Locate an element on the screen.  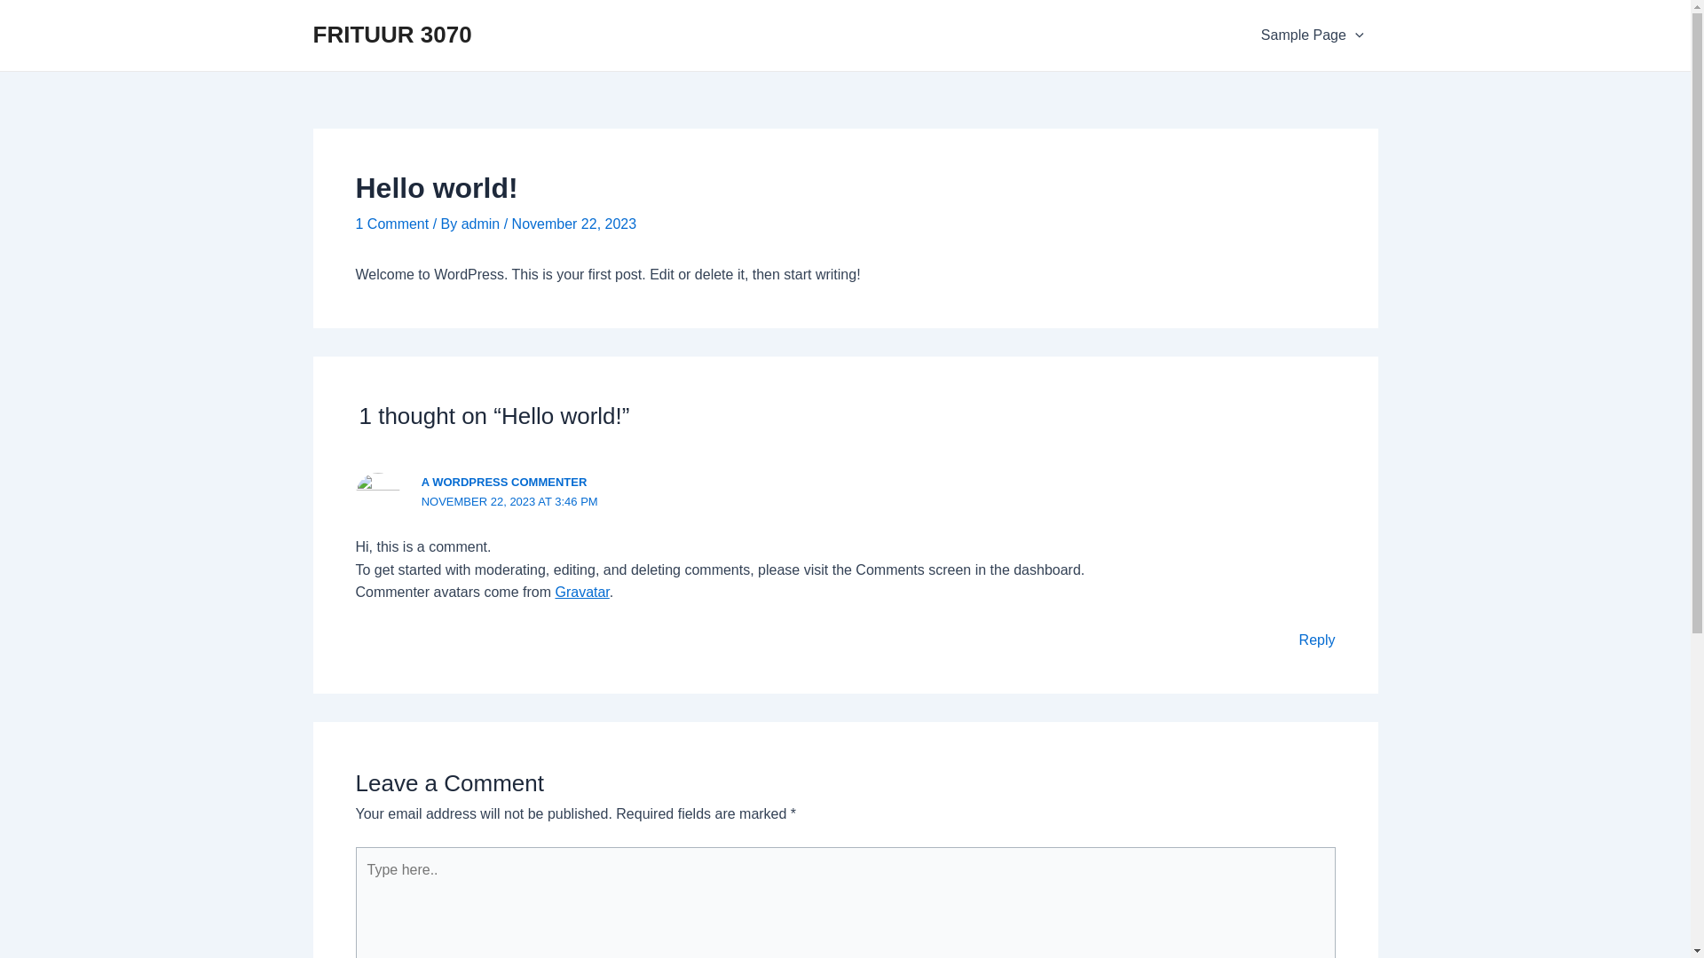
'Gravatar' is located at coordinates (581, 592).